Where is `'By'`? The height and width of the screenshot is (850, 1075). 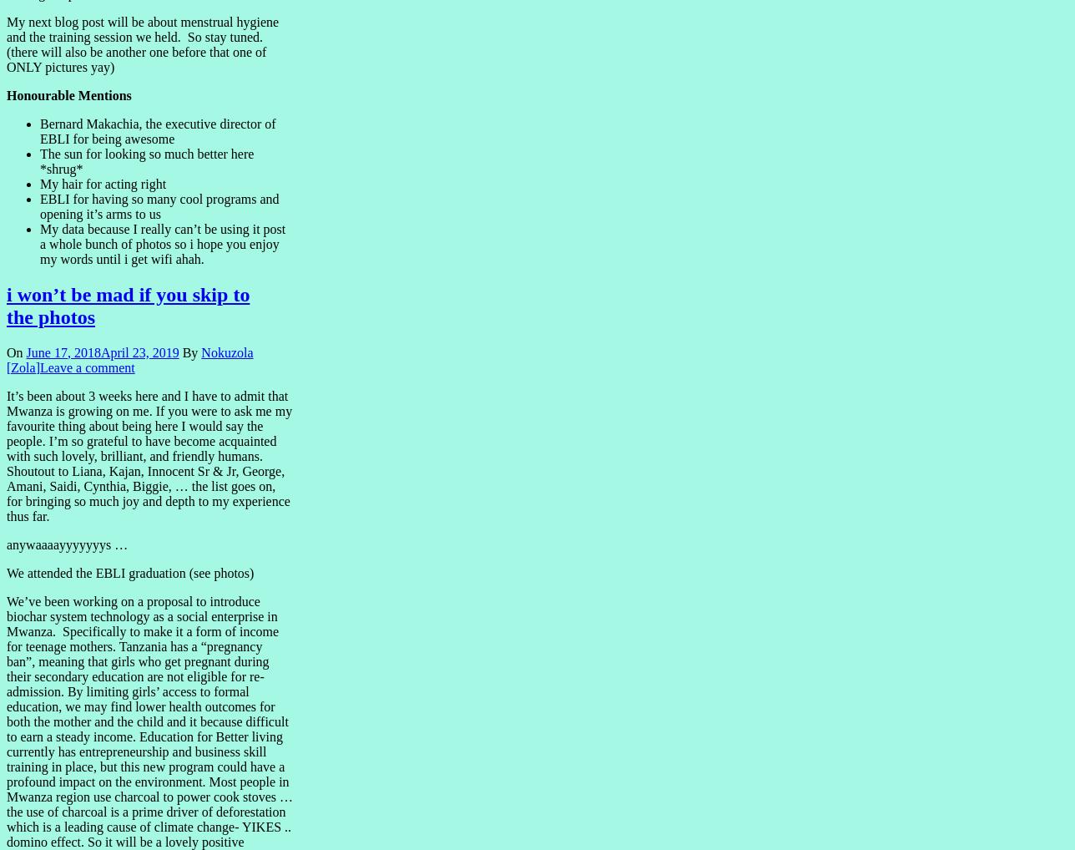
'By' is located at coordinates (189, 351).